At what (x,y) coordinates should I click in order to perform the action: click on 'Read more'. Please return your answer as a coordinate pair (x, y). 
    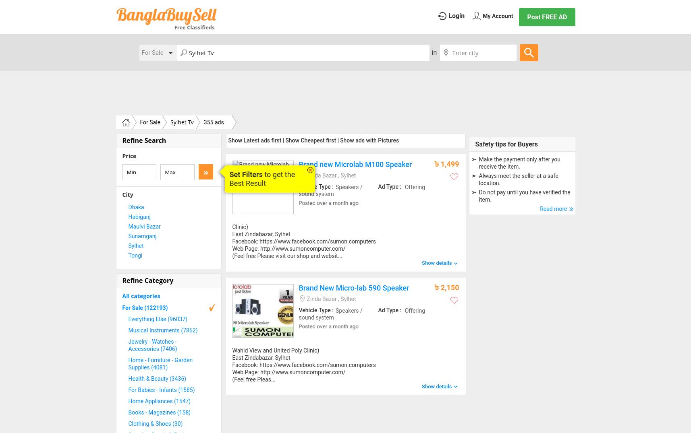
    Looking at the image, I should click on (539, 208).